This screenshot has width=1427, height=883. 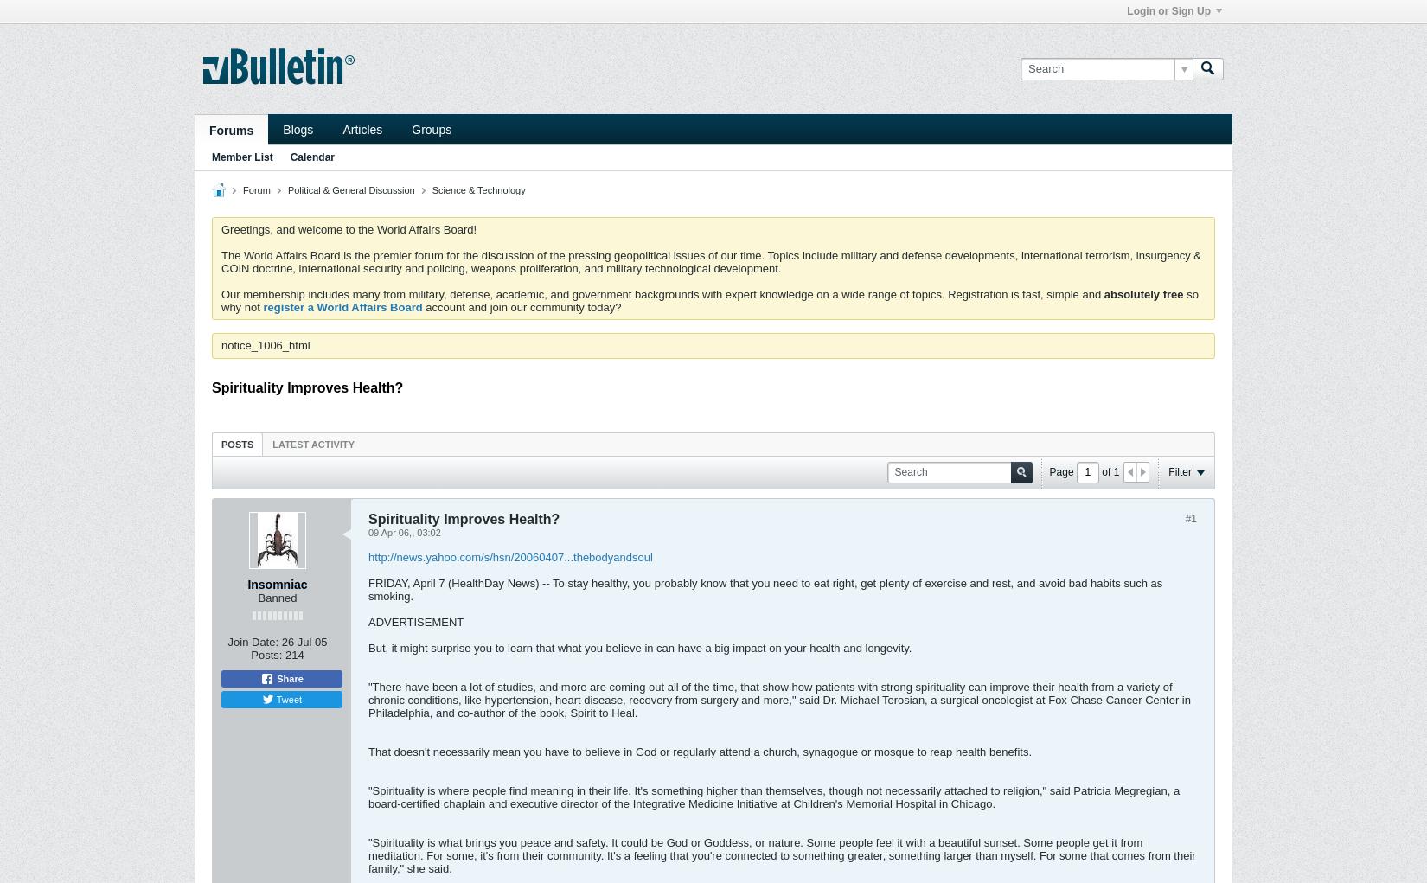 I want to click on 'Member List', so click(x=242, y=157).